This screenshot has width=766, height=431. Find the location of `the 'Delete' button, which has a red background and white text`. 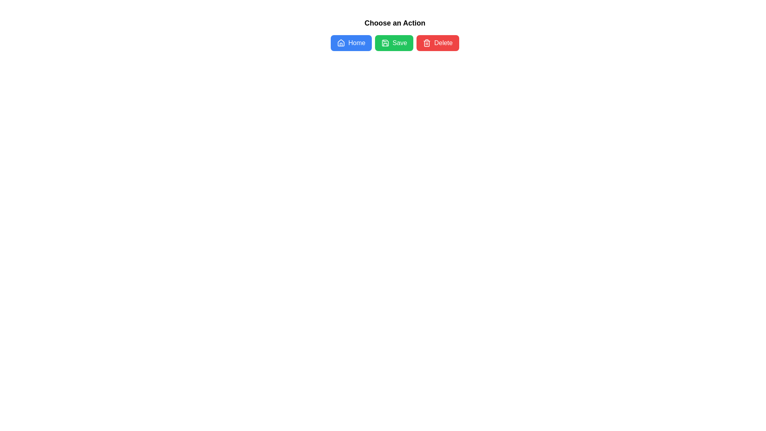

the 'Delete' button, which has a red background and white text is located at coordinates (437, 43).